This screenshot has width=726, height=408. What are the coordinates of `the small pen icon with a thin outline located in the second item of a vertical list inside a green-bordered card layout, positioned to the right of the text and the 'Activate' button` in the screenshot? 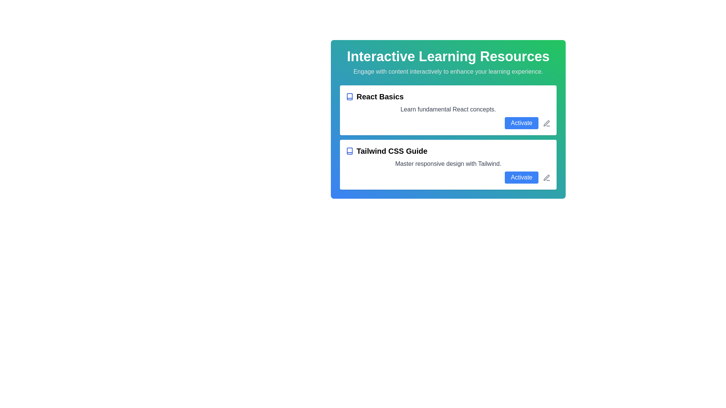 It's located at (546, 178).